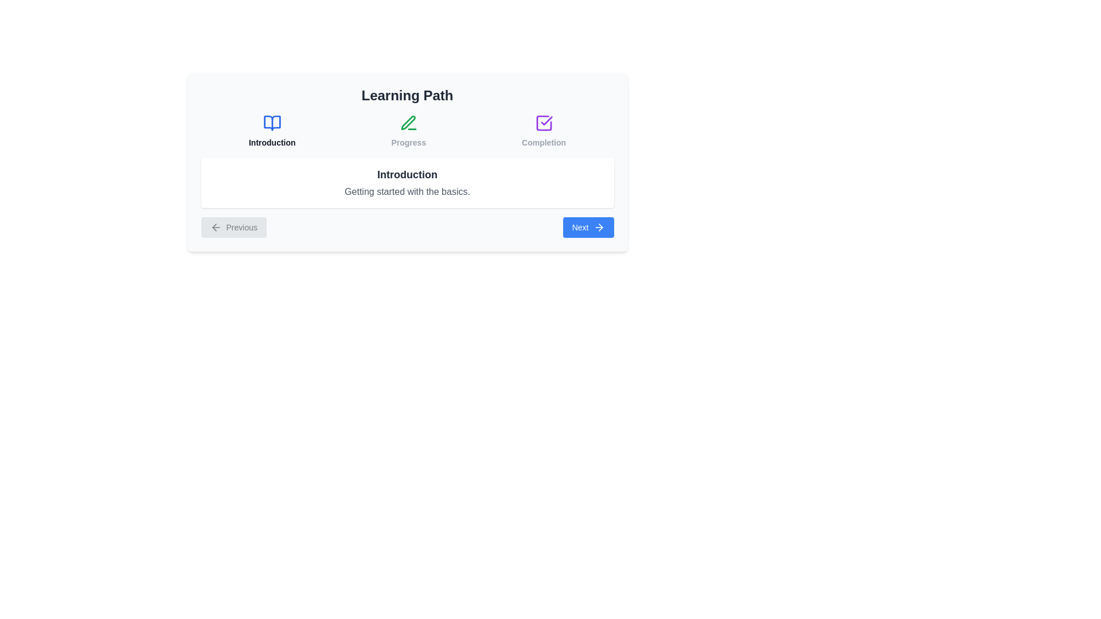  What do you see at coordinates (271, 130) in the screenshot?
I see `the topic labeled Introduction to inspect its icon and label` at bounding box center [271, 130].